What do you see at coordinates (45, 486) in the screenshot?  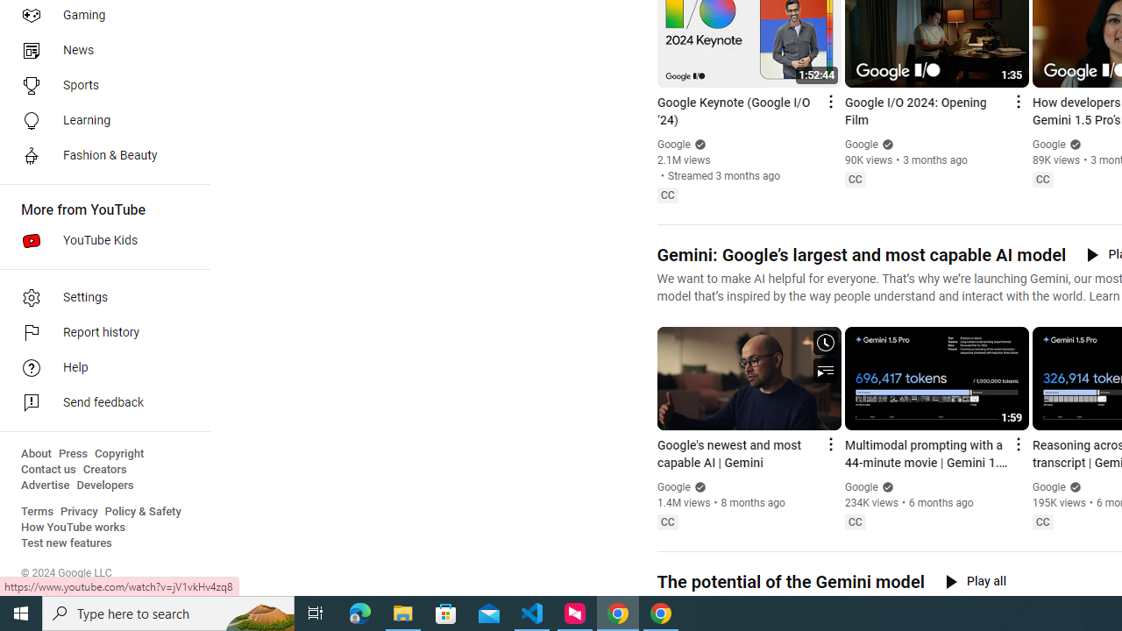 I see `'Advertise'` at bounding box center [45, 486].